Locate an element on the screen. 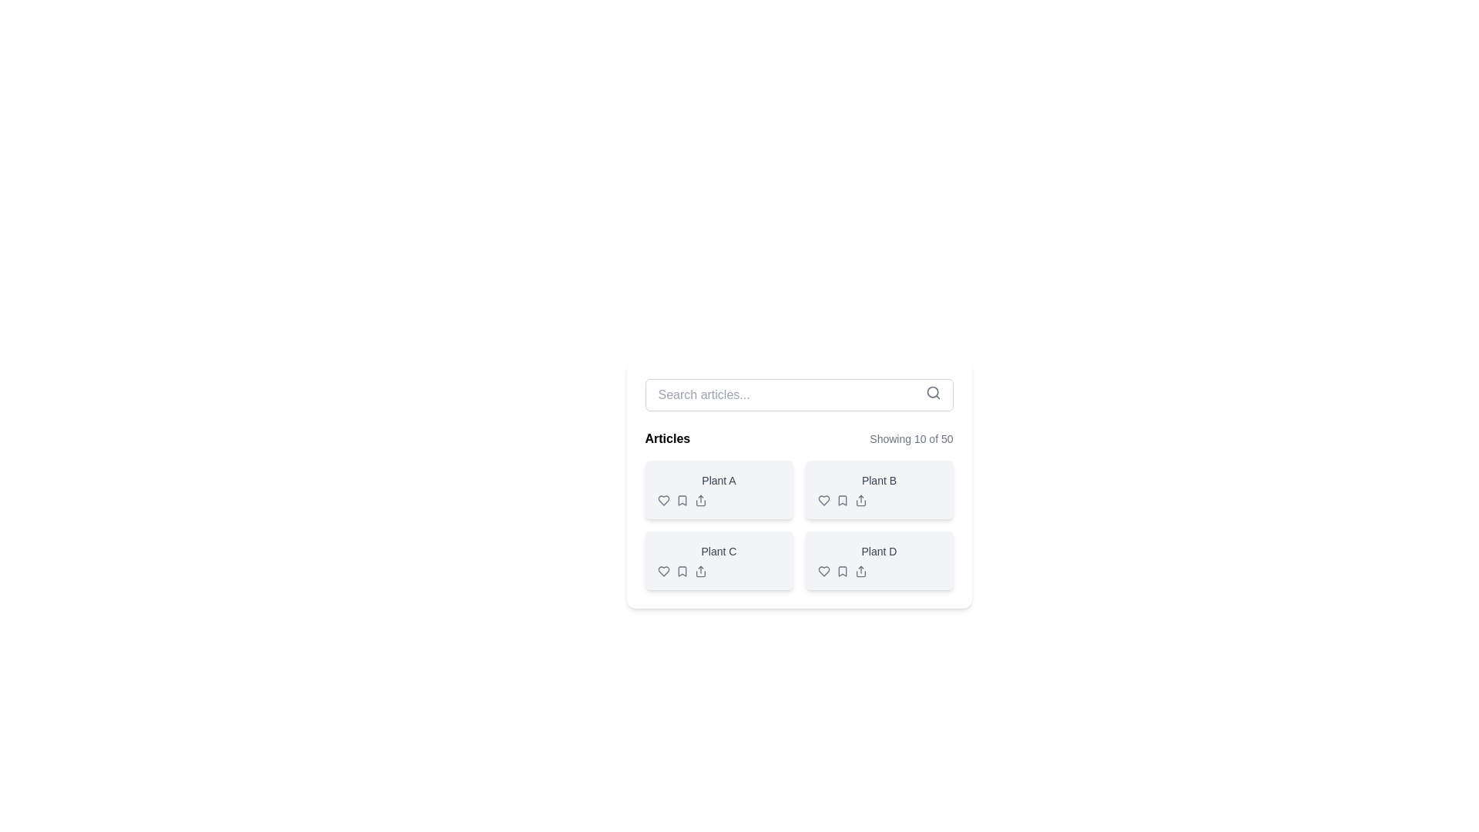 The image size is (1479, 832). the search input field located at the top-center of the card section is located at coordinates (799, 394).